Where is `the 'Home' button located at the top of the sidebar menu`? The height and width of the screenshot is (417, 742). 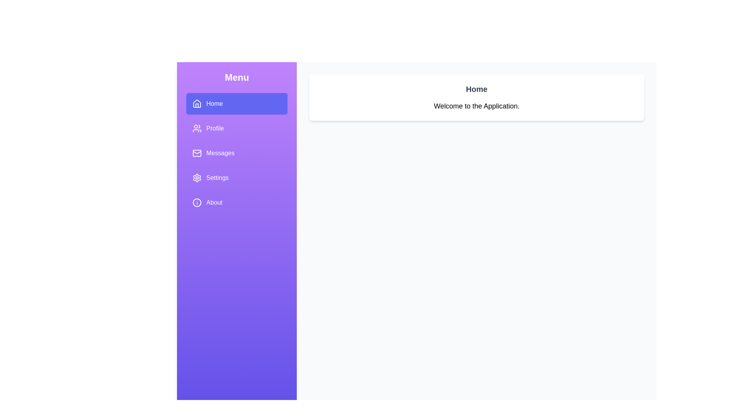 the 'Home' button located at the top of the sidebar menu is located at coordinates (237, 103).